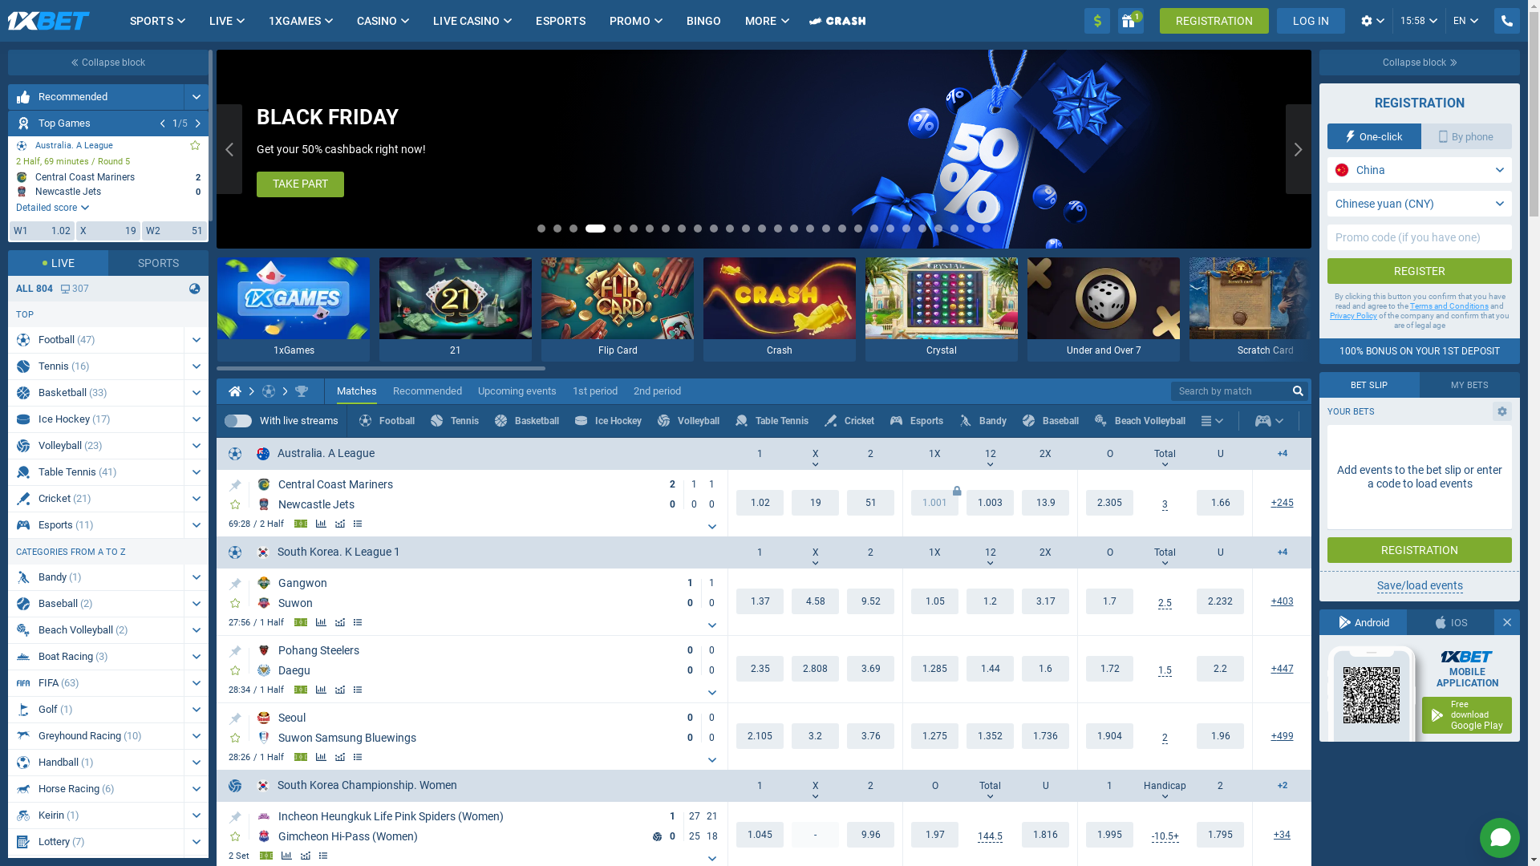 This screenshot has width=1540, height=866. I want to click on 'Crystal', so click(942, 309).